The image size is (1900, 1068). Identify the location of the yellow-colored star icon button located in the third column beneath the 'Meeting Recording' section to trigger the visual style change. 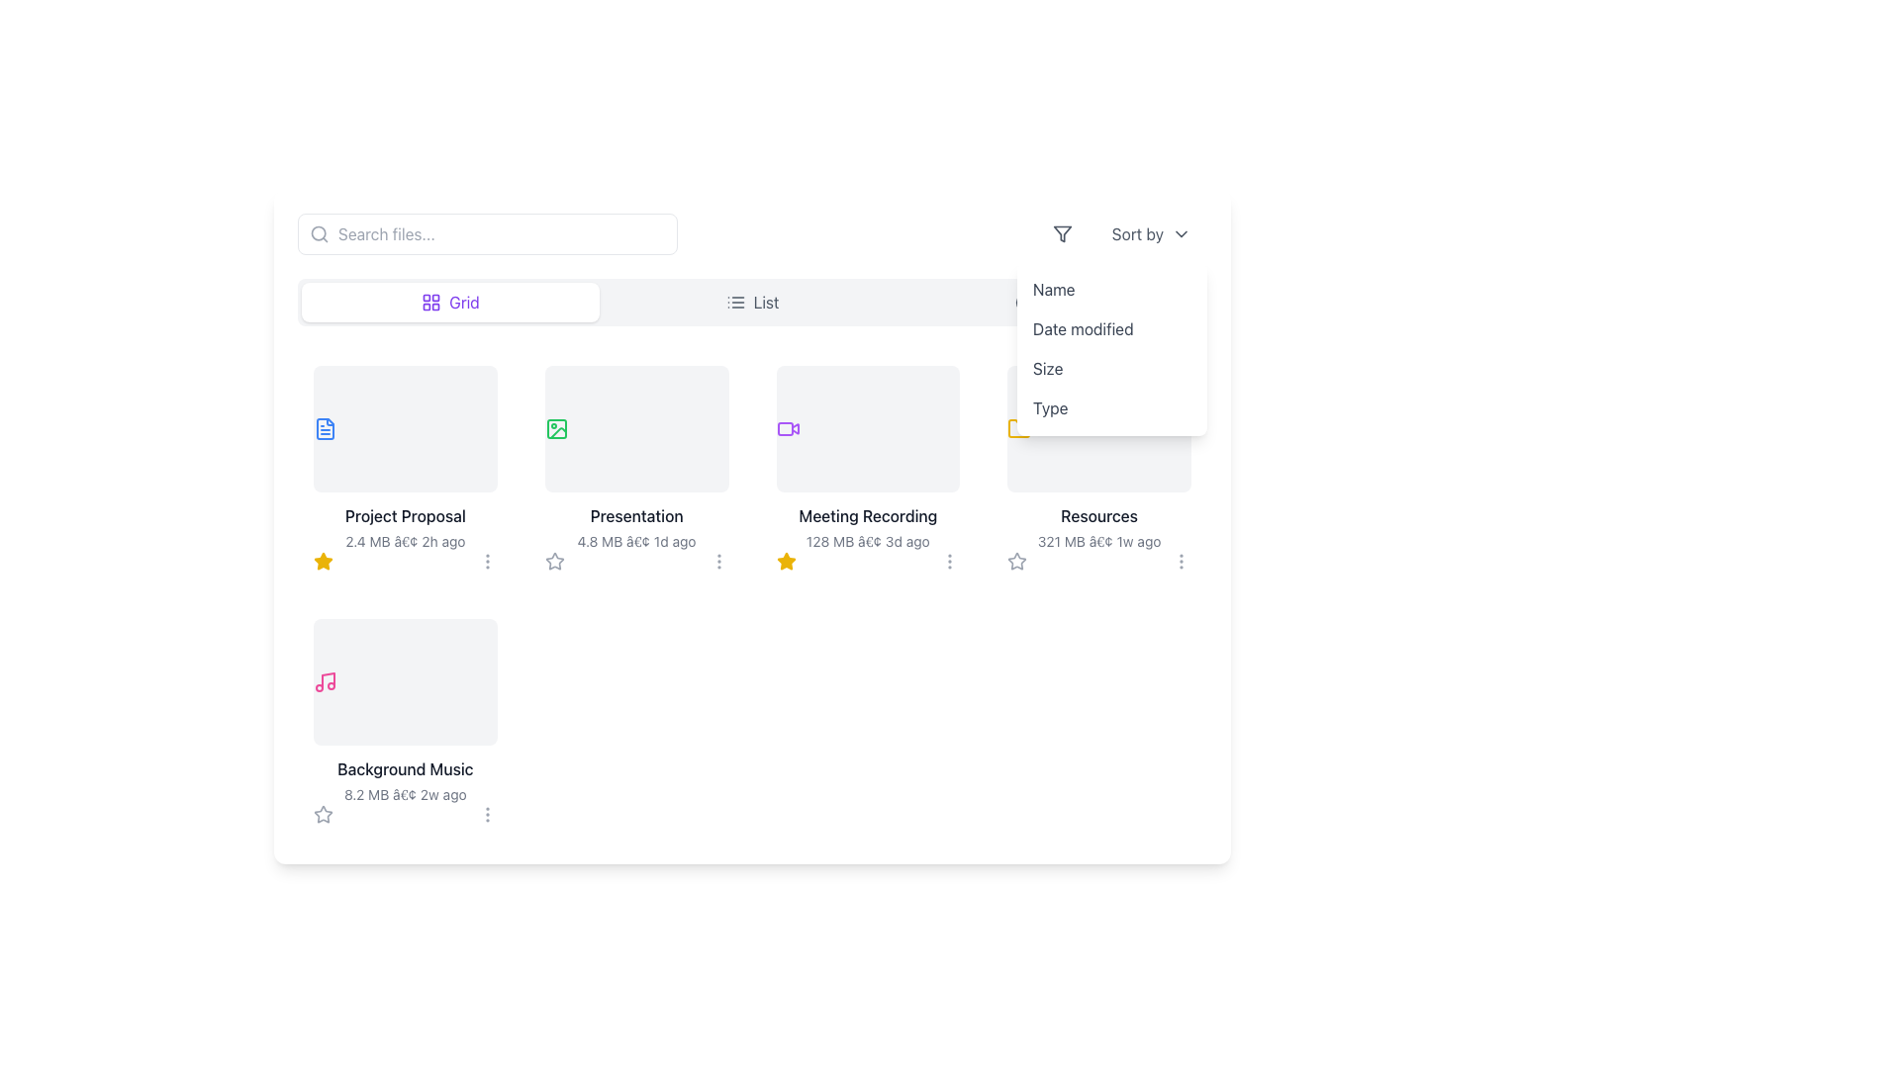
(785, 561).